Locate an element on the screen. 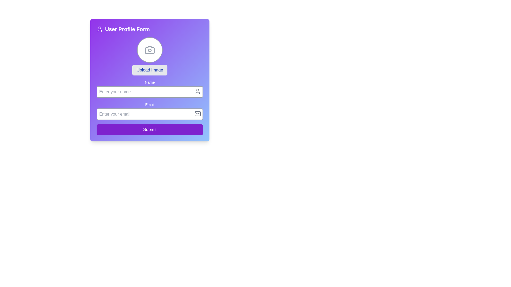 This screenshot has width=511, height=287. the decorative icon associated with the 'User Profile Form' located at the top-left of the header section is located at coordinates (100, 29).